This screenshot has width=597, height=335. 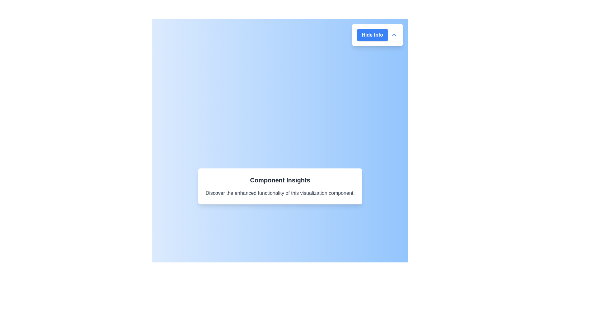 What do you see at coordinates (280, 193) in the screenshot?
I see `the descriptive text label that reads 'Discover the enhanced functionality of this visualization component.' styled in gray color within a white box` at bounding box center [280, 193].